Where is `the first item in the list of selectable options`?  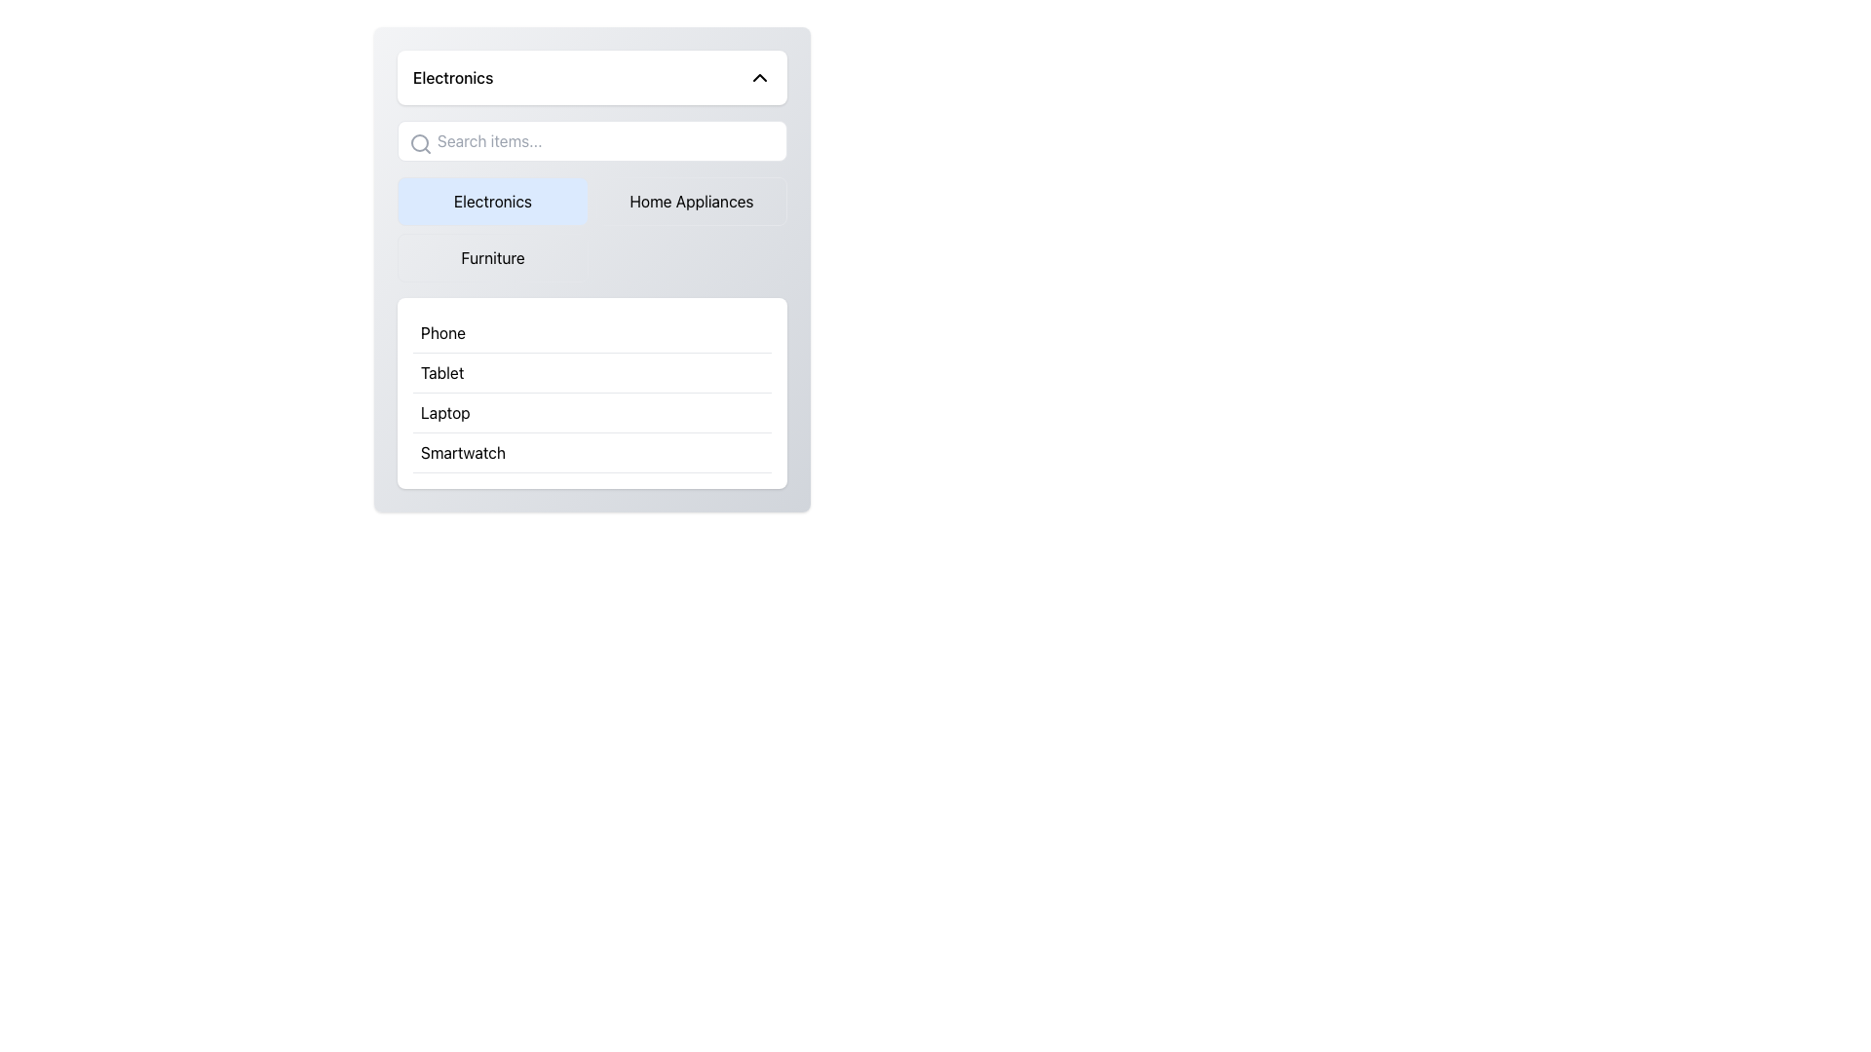
the first item in the list of selectable options is located at coordinates (592, 332).